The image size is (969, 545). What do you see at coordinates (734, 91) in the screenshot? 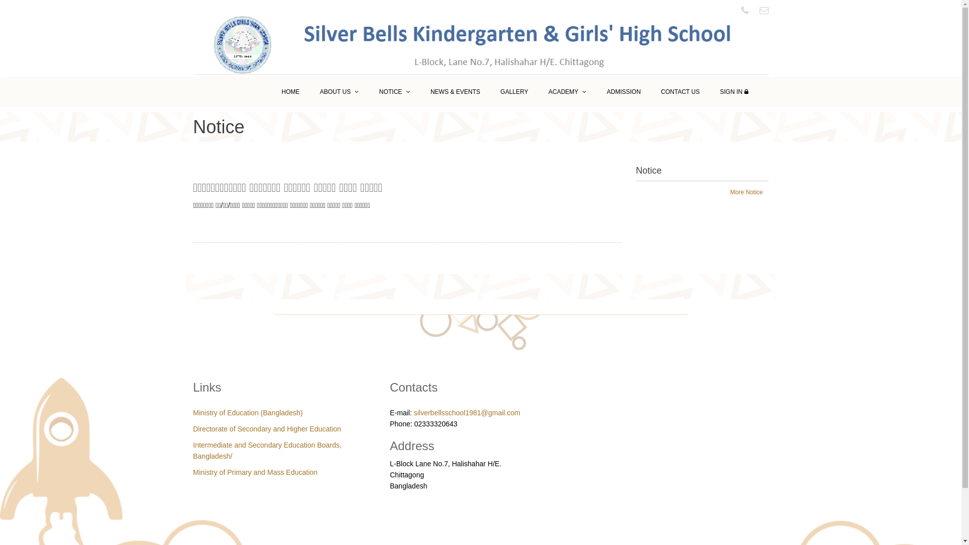
I see `'SIGN IN'` at bounding box center [734, 91].